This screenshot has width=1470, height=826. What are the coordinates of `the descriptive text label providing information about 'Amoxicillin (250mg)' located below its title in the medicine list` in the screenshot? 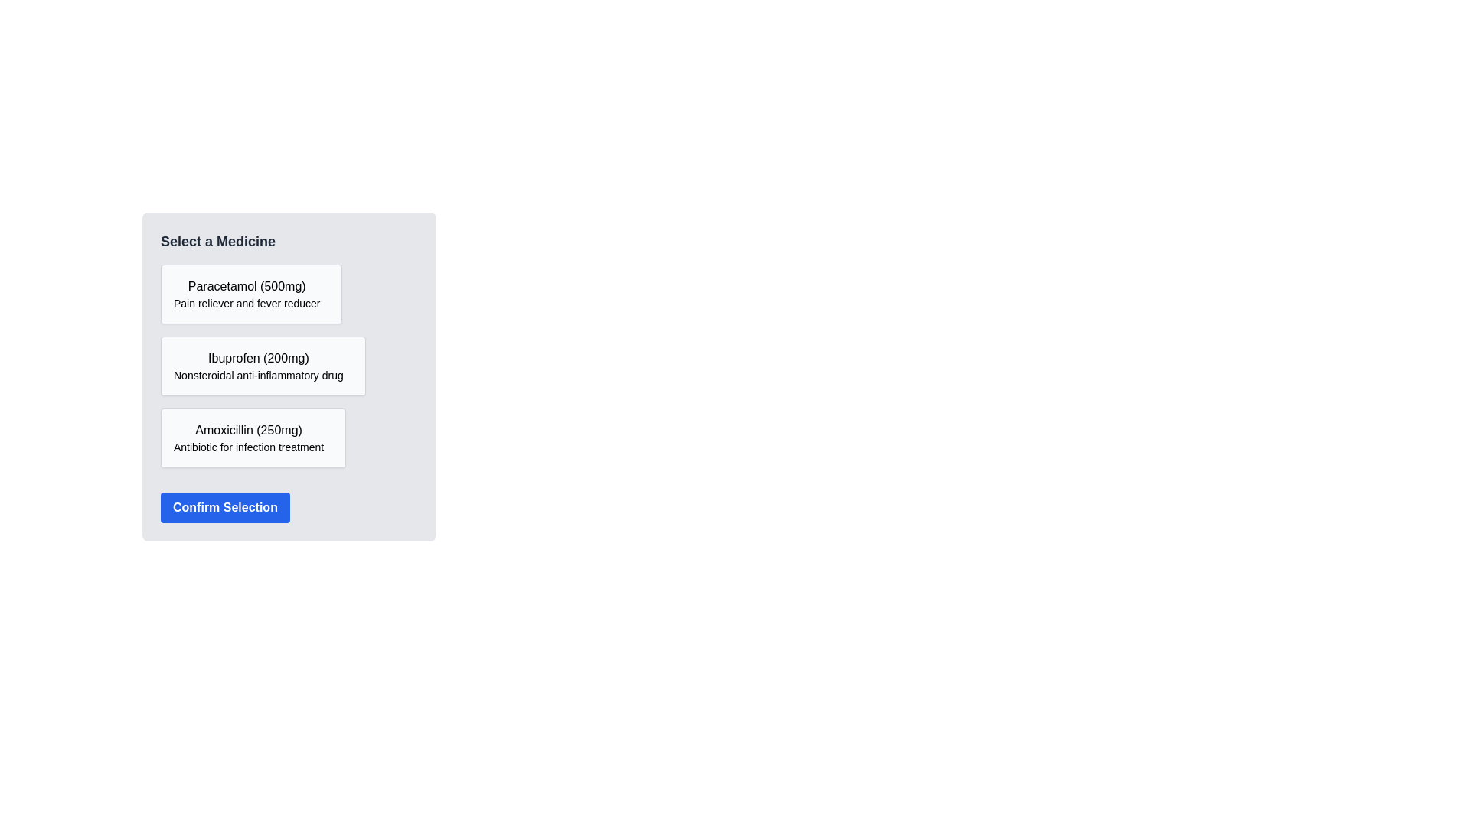 It's located at (249, 447).